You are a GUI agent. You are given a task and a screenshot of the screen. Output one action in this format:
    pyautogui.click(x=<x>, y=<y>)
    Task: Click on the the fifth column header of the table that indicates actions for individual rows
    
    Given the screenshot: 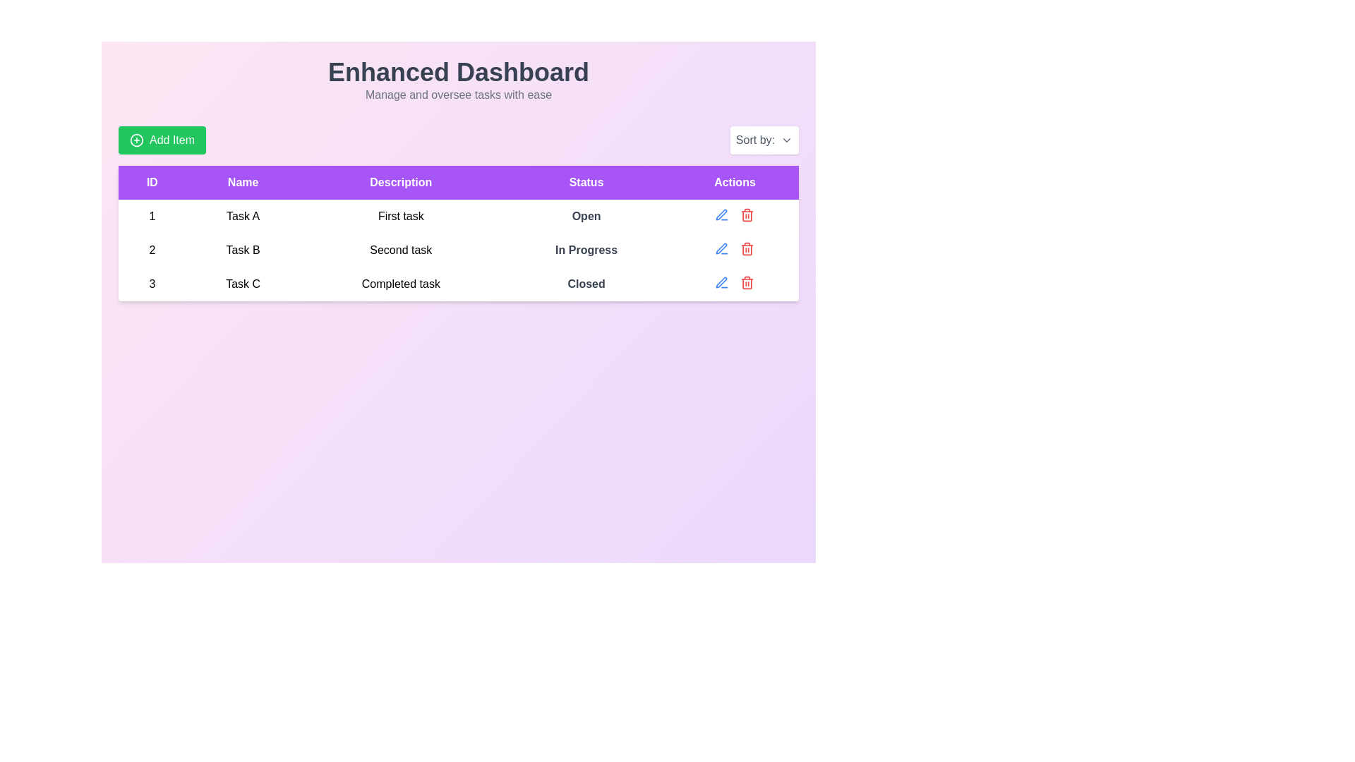 What is the action you would take?
    pyautogui.click(x=734, y=181)
    